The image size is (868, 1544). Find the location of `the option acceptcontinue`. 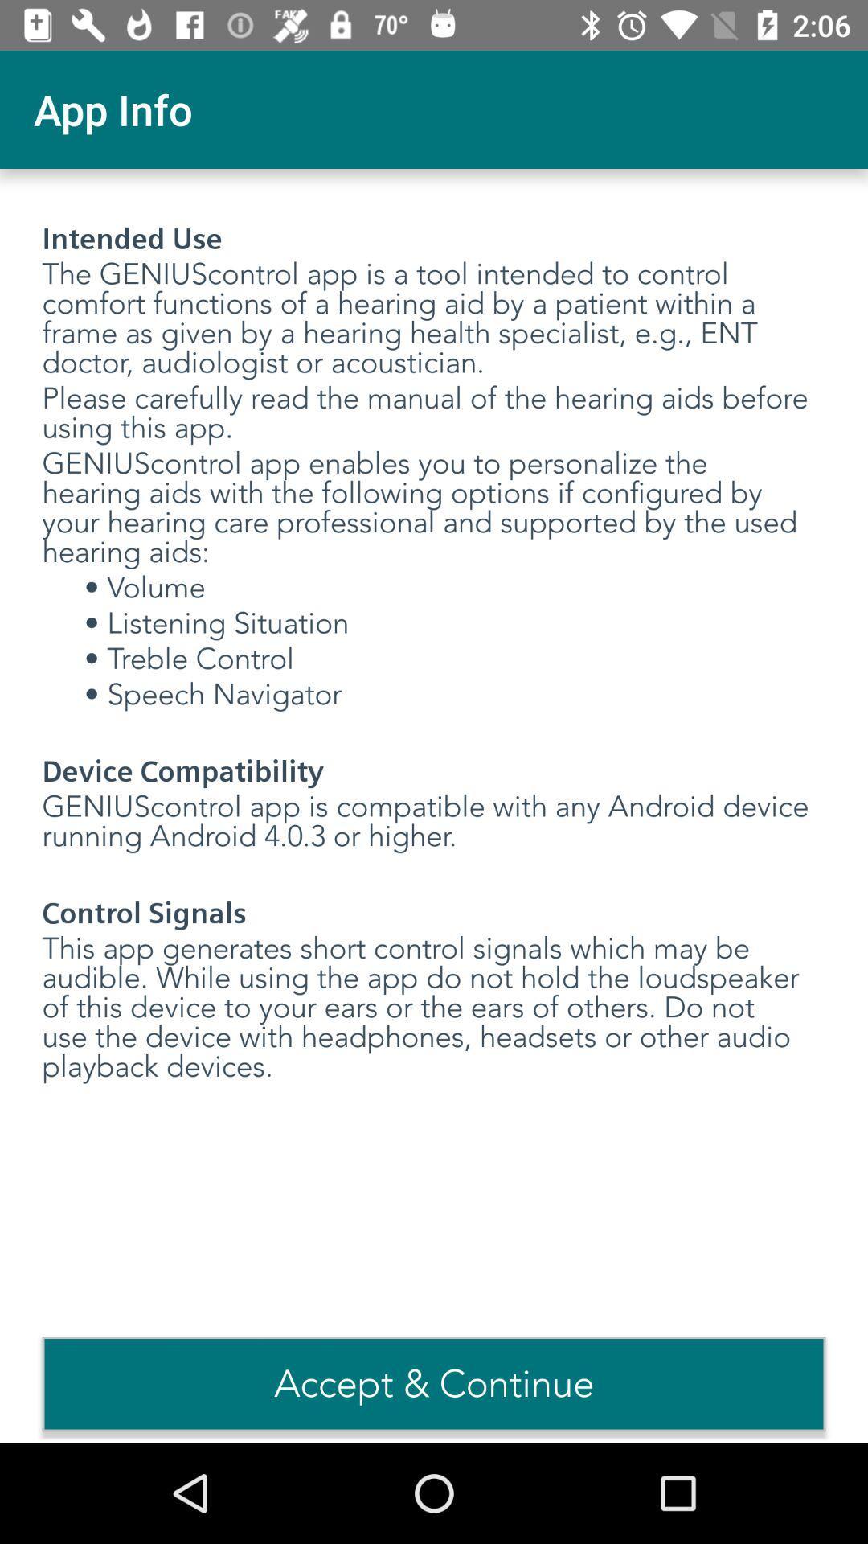

the option acceptcontinue is located at coordinates (434, 1383).